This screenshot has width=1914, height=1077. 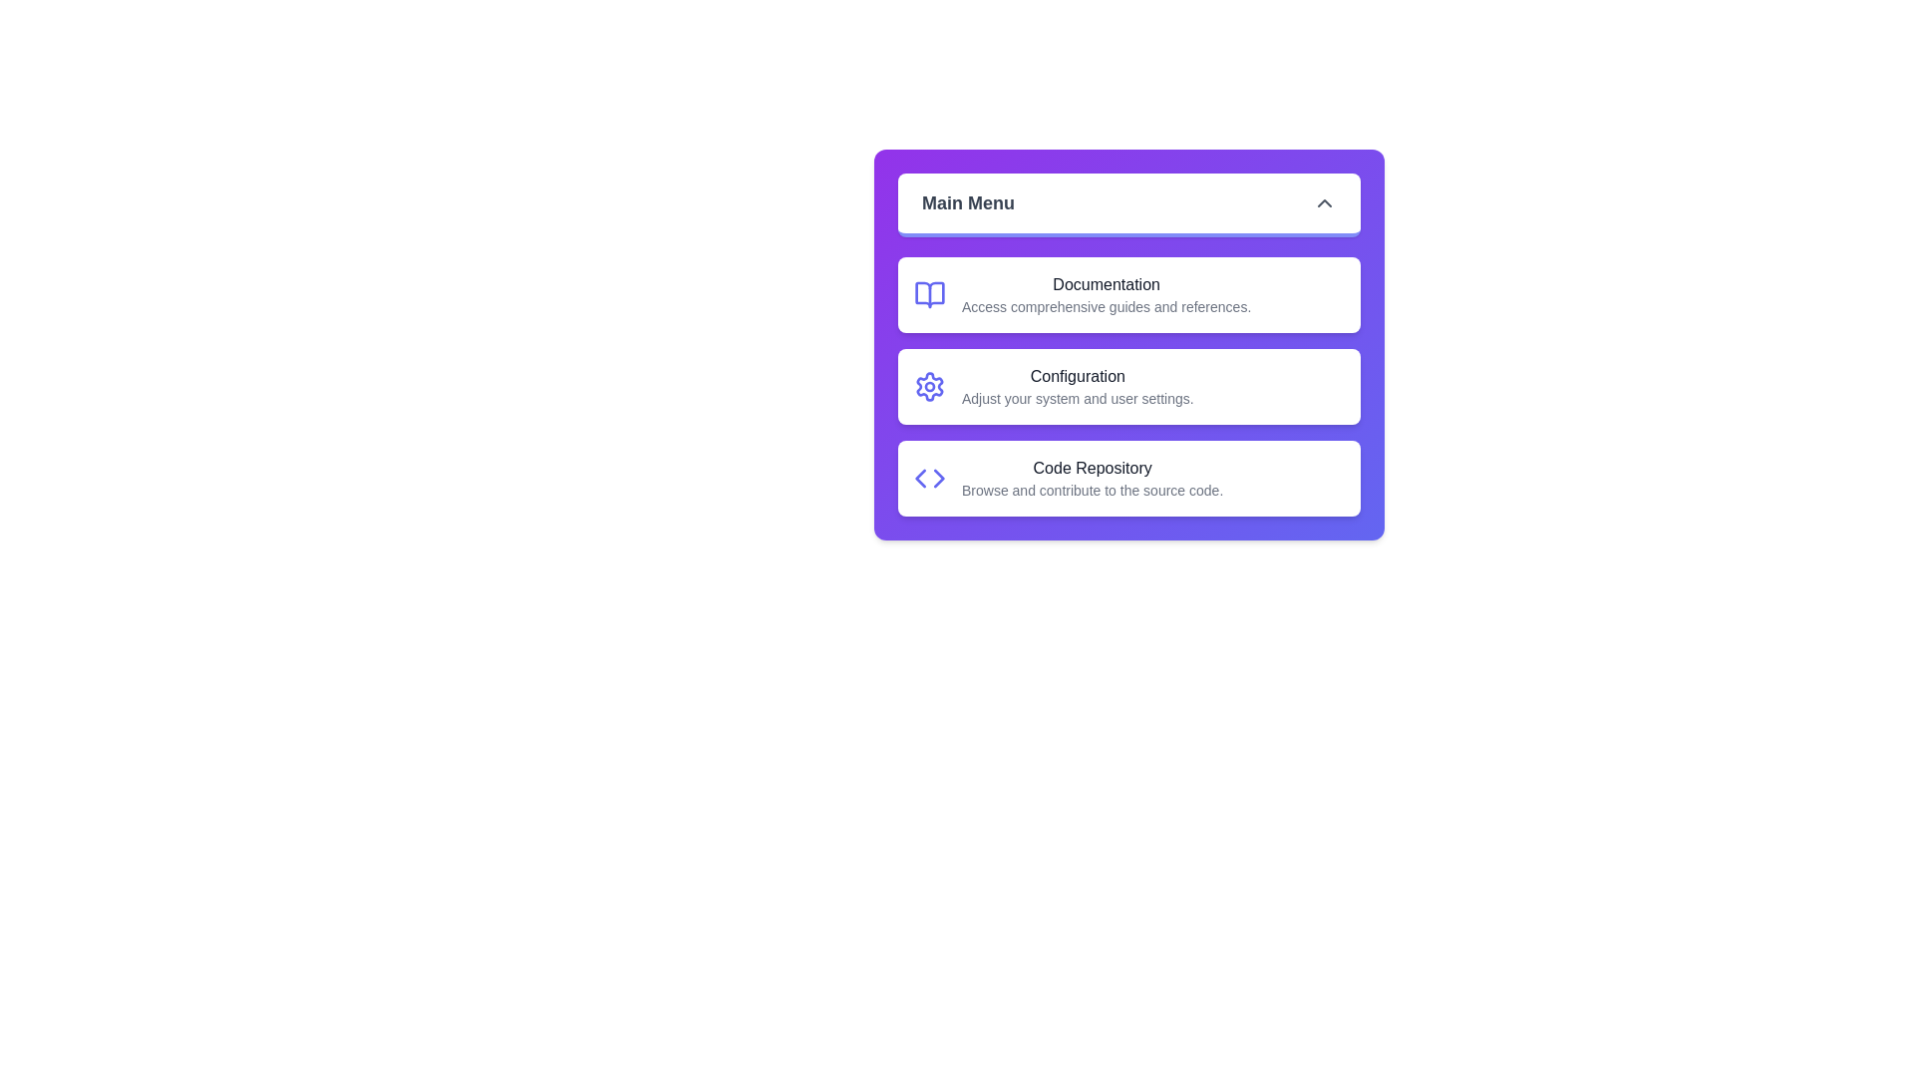 What do you see at coordinates (928, 295) in the screenshot?
I see `the Documentation icon to interact with it` at bounding box center [928, 295].